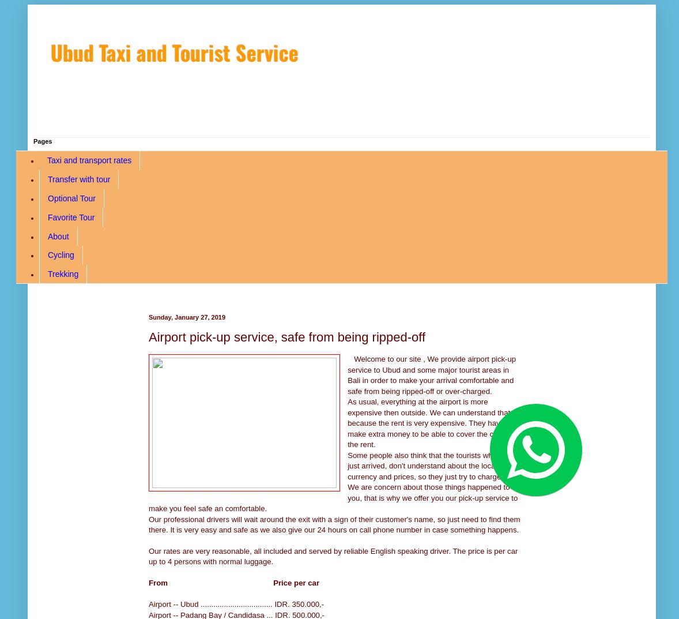 The image size is (679, 619). Describe the element at coordinates (42, 140) in the screenshot. I see `'Pages'` at that location.